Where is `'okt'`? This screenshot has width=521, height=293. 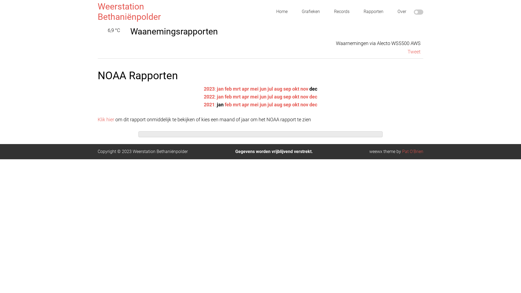 'okt' is located at coordinates (295, 96).